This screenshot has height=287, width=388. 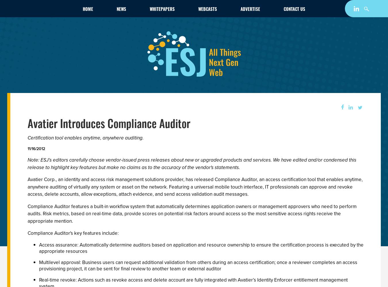 What do you see at coordinates (207, 9) in the screenshot?
I see `'Webcasts'` at bounding box center [207, 9].